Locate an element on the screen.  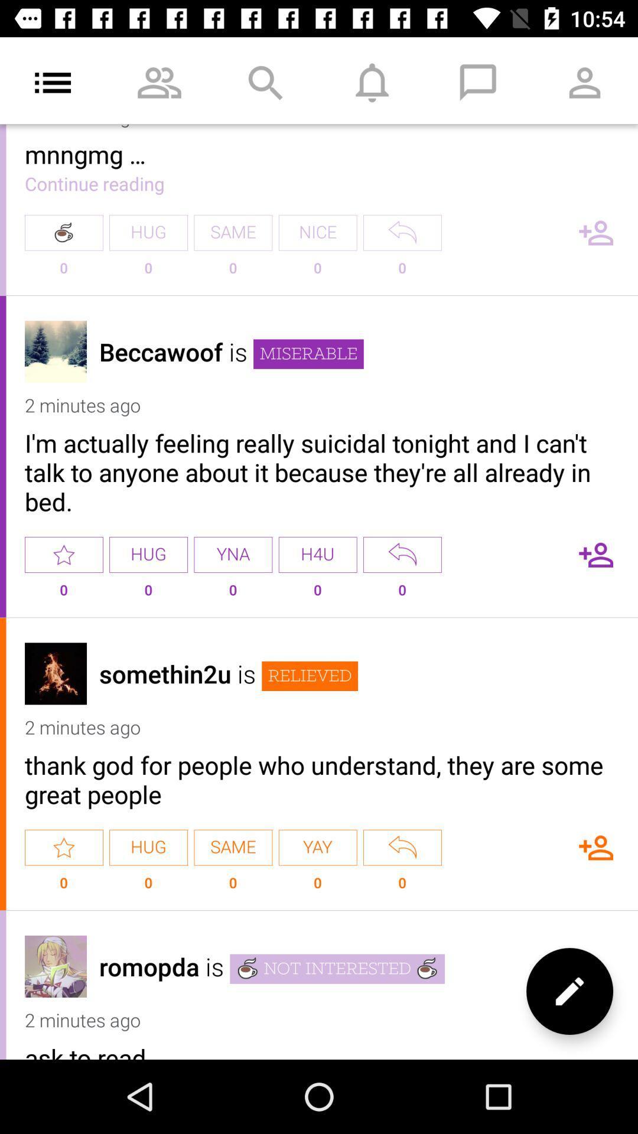
star rating is located at coordinates (64, 847).